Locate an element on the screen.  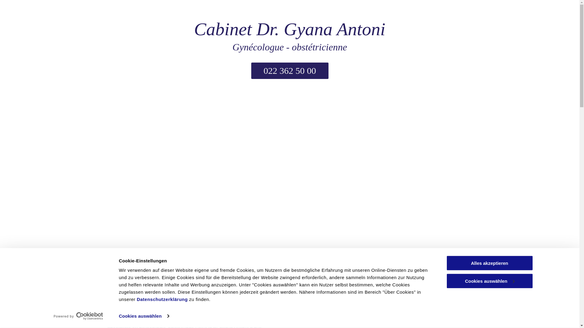
'022 362 50 00' is located at coordinates (290, 70).